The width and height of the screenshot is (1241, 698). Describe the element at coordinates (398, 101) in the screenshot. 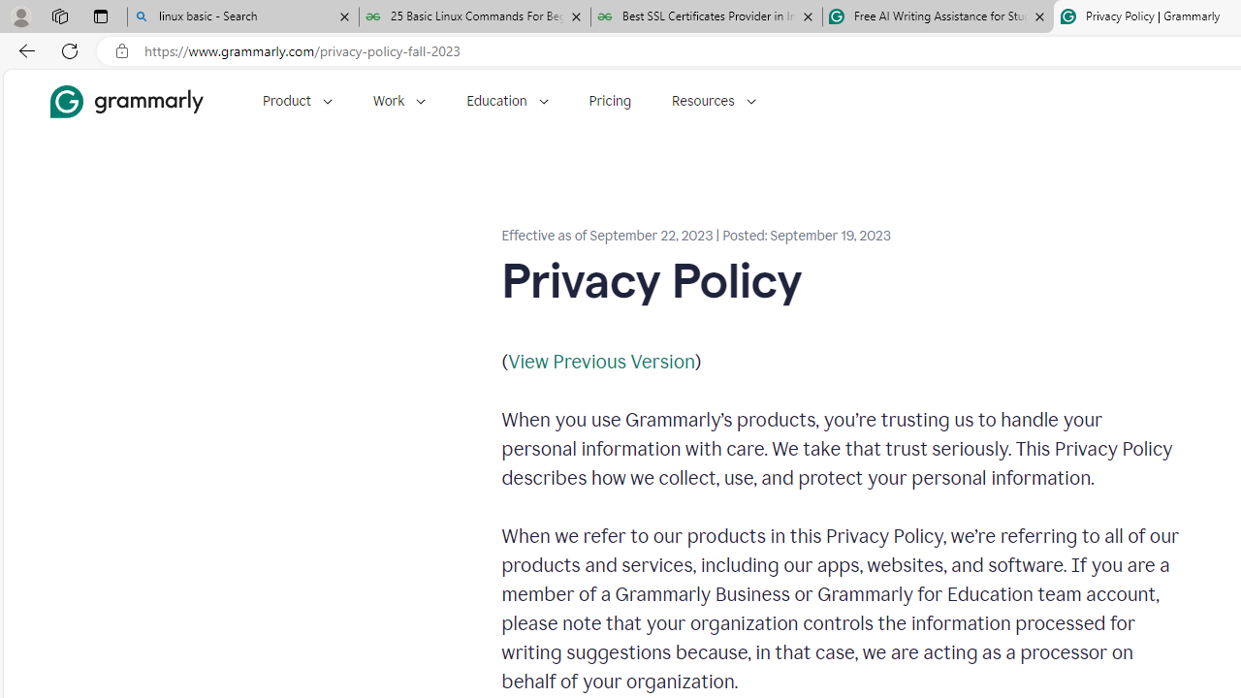

I see `'Work'` at that location.